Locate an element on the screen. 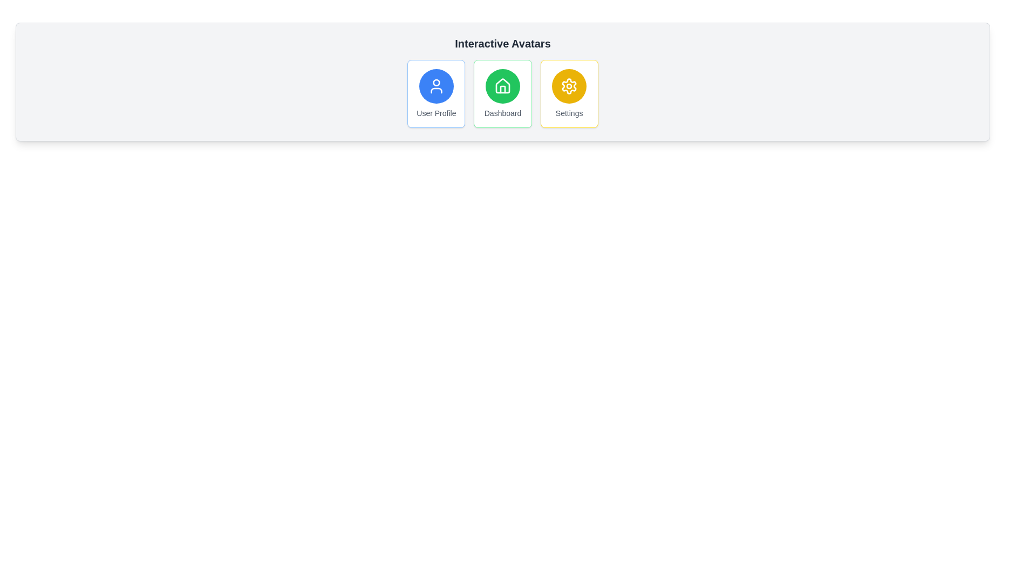 The width and height of the screenshot is (1036, 583). text from the Text label located at the bottom of the third interactive avatar panel on the far right, which serves as a caption for the 'Settings' icon above it is located at coordinates (569, 113).